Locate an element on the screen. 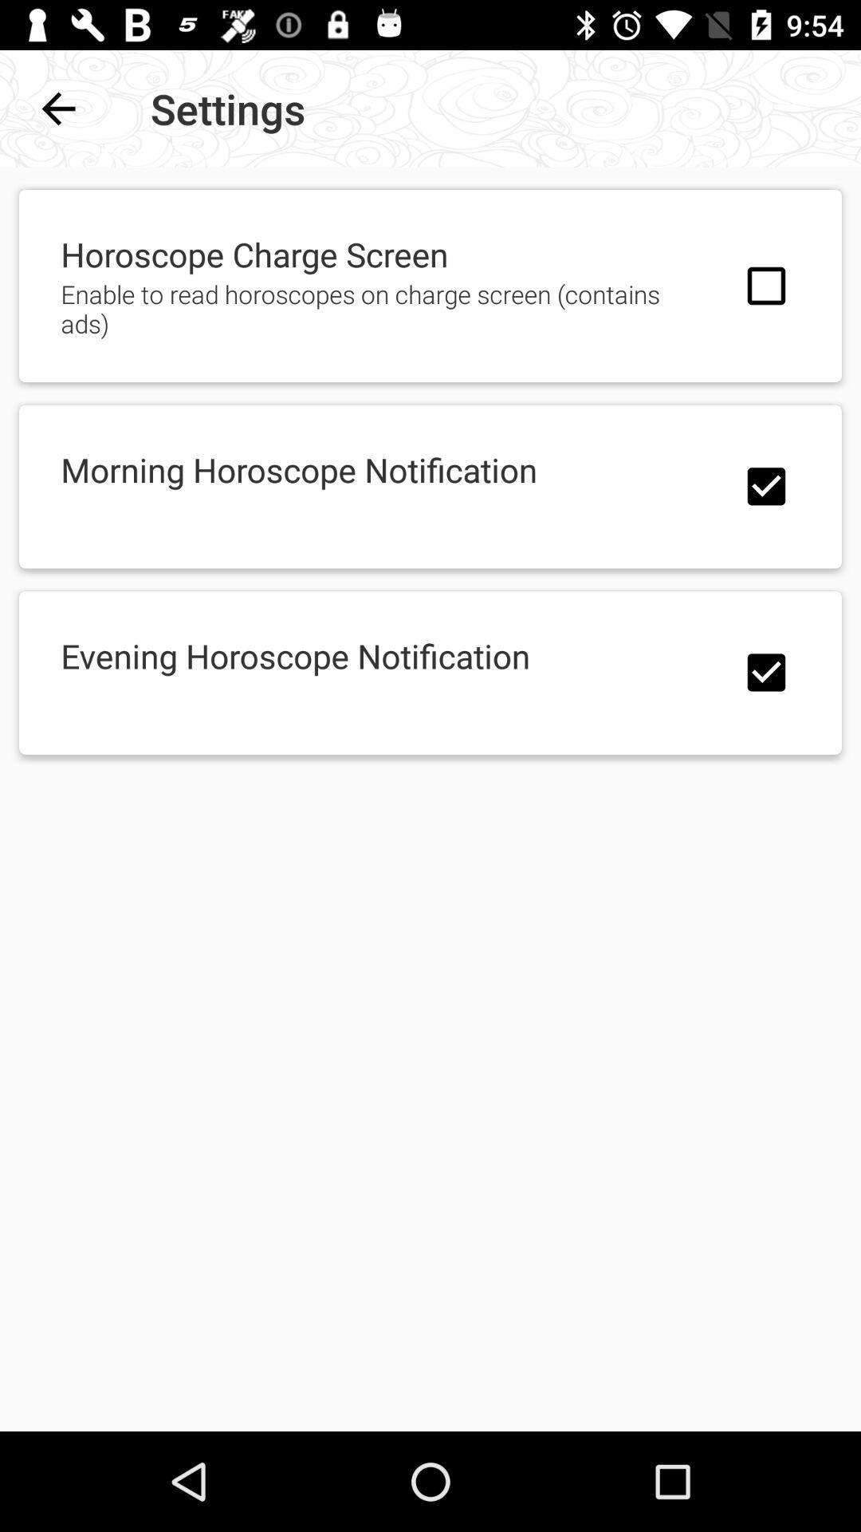 The height and width of the screenshot is (1532, 861). the item above horoscope charge screen is located at coordinates (57, 108).